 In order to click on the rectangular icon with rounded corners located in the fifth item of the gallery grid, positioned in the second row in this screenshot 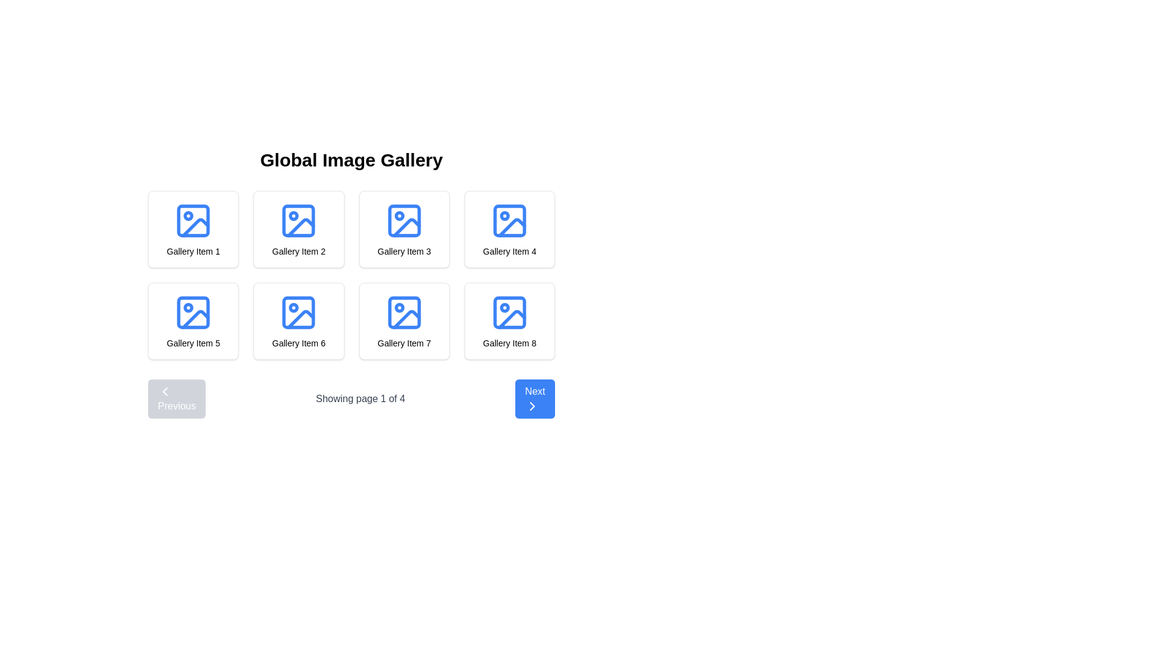, I will do `click(193, 312)`.